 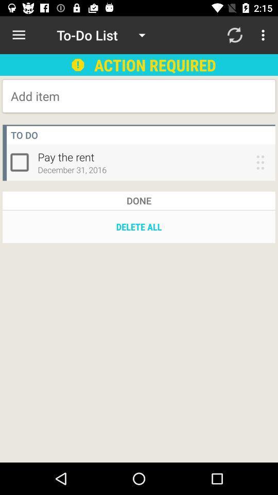 I want to click on item, so click(x=93, y=96).